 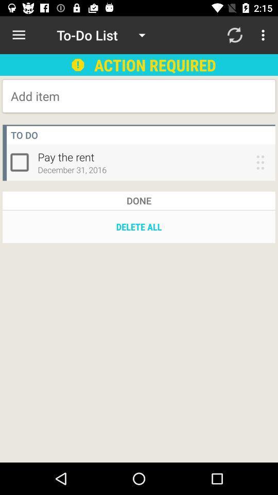 I want to click on item, so click(x=93, y=96).